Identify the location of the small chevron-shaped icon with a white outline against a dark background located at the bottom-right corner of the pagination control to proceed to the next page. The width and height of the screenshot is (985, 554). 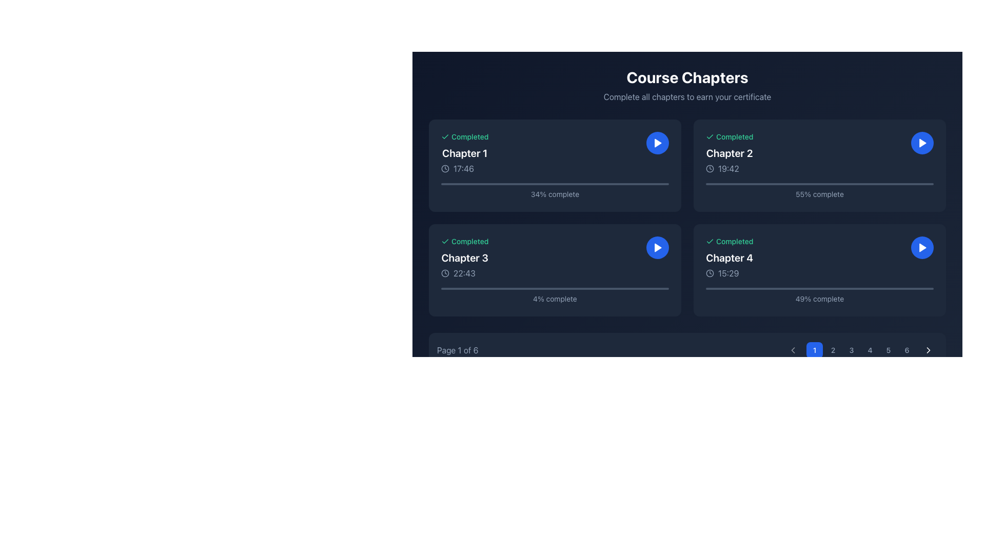
(928, 349).